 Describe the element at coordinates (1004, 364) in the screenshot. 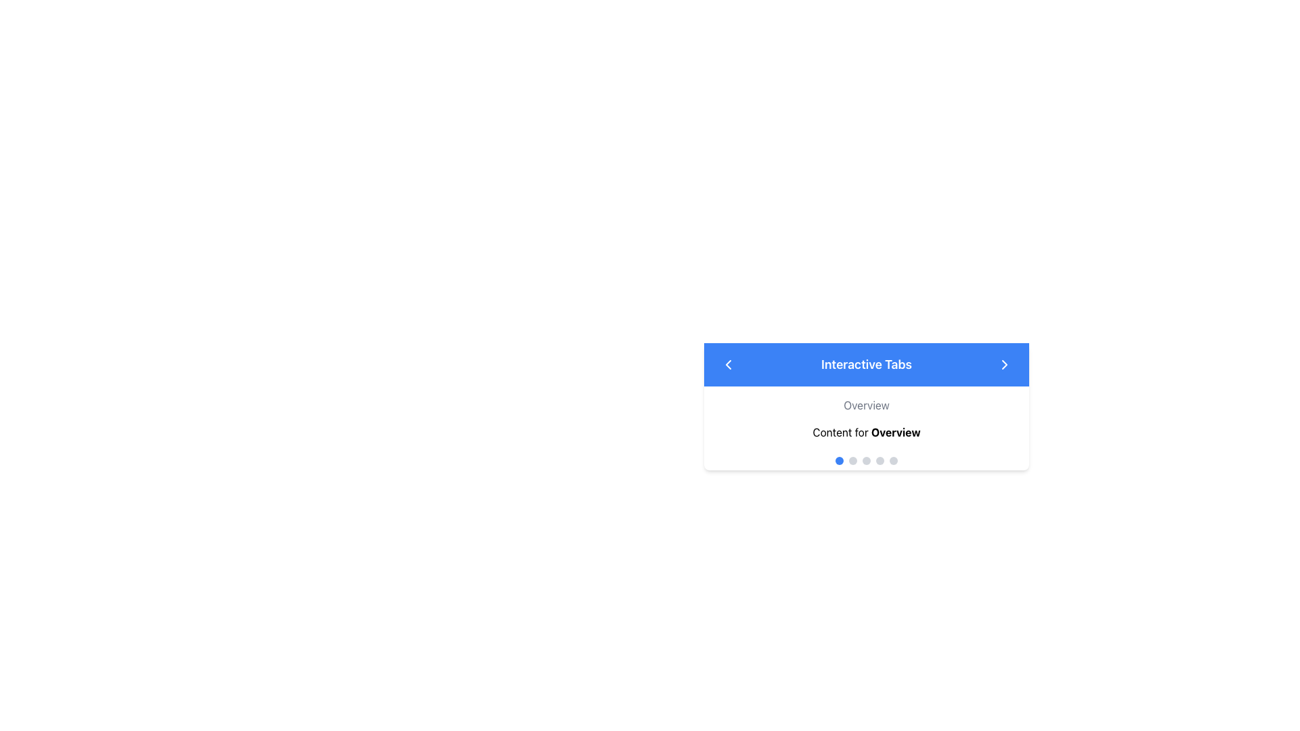

I see `the triangular arrow icon located in the blue header bar next to the text 'Interactive Tabs' to interact with it` at that location.